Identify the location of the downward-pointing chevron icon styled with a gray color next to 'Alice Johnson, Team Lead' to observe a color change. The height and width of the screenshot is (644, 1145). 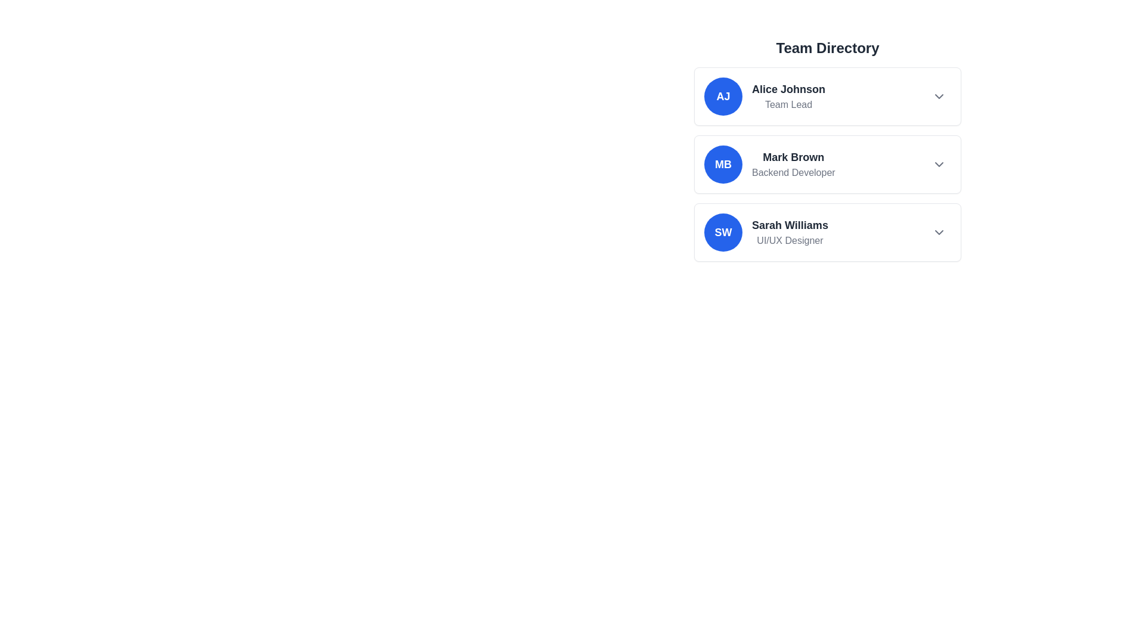
(938, 96).